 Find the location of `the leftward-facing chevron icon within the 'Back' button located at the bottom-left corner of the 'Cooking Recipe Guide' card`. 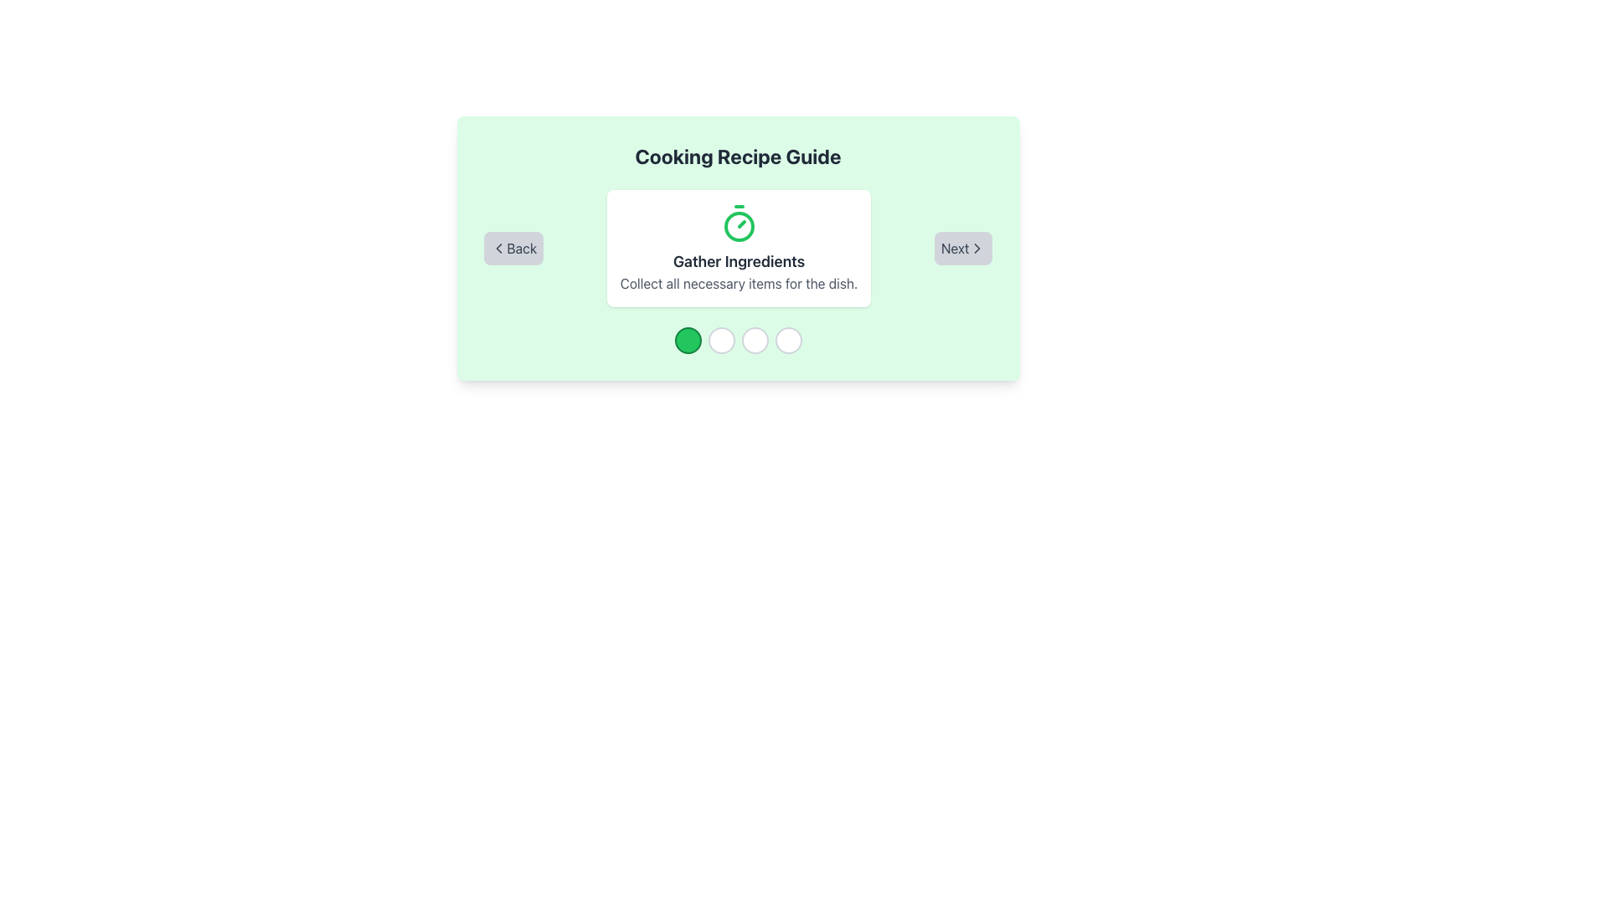

the leftward-facing chevron icon within the 'Back' button located at the bottom-left corner of the 'Cooking Recipe Guide' card is located at coordinates (497, 249).